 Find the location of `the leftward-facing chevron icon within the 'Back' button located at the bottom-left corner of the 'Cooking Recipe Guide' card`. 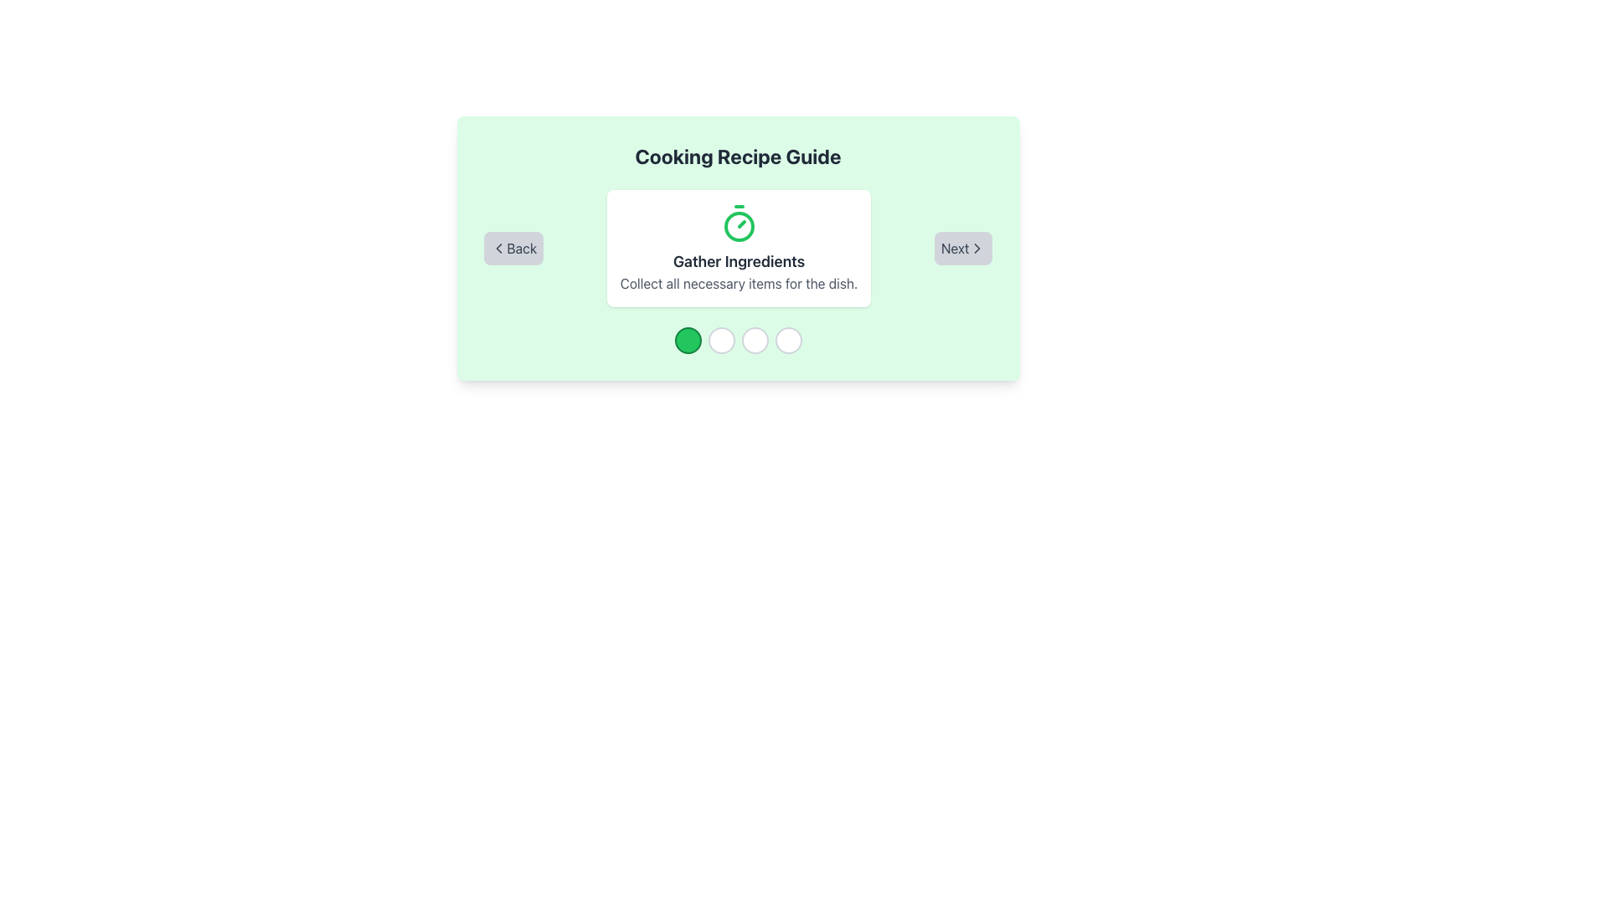

the leftward-facing chevron icon within the 'Back' button located at the bottom-left corner of the 'Cooking Recipe Guide' card is located at coordinates (497, 249).